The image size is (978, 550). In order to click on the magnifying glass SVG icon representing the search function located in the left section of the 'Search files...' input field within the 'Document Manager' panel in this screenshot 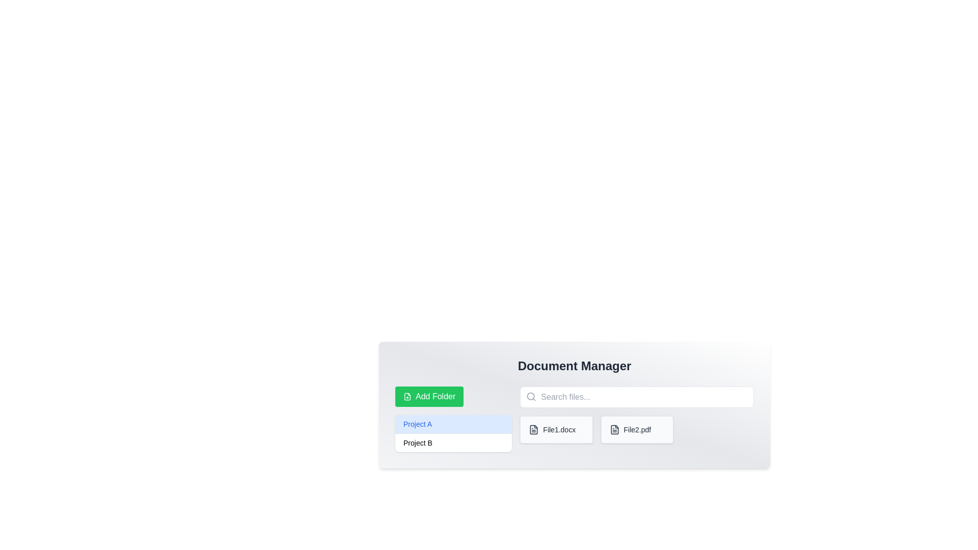, I will do `click(531, 396)`.